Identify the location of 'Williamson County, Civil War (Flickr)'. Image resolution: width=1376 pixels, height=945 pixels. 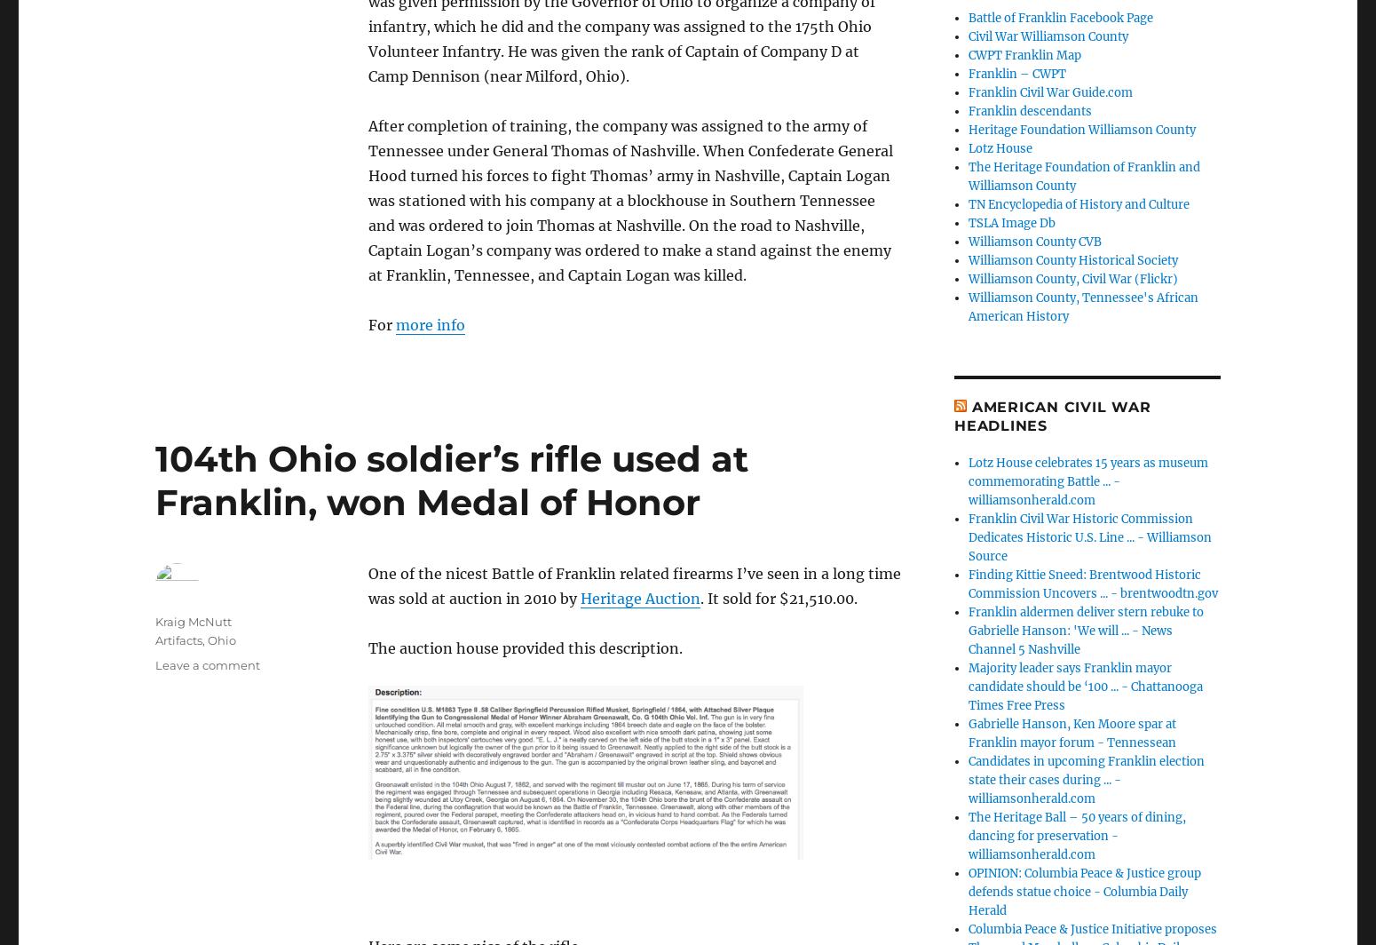
(1073, 278).